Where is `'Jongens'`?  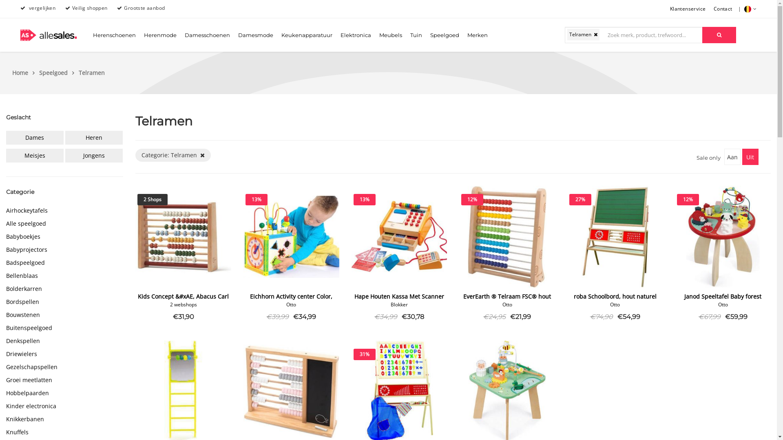
'Jongens' is located at coordinates (94, 155).